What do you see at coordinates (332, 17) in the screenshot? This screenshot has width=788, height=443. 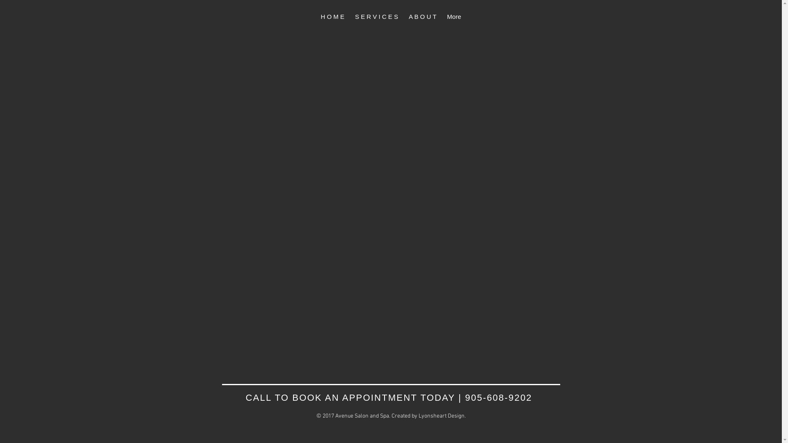 I see `'H O M E'` at bounding box center [332, 17].